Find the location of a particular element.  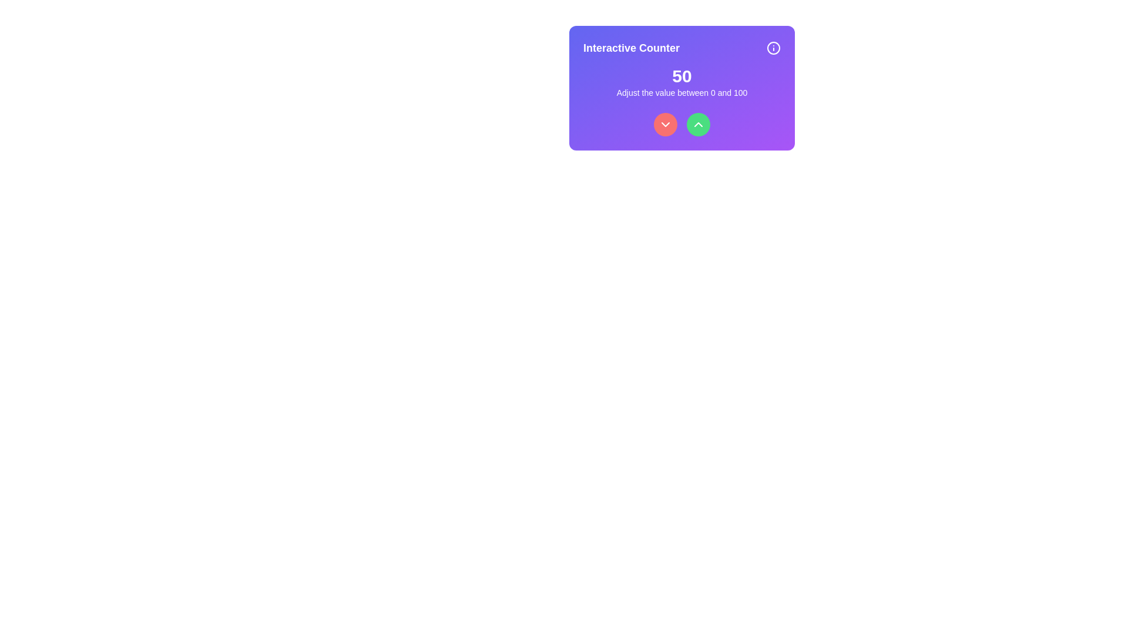

the green circular button containing the upward-pointing chevron icon is located at coordinates (699, 125).